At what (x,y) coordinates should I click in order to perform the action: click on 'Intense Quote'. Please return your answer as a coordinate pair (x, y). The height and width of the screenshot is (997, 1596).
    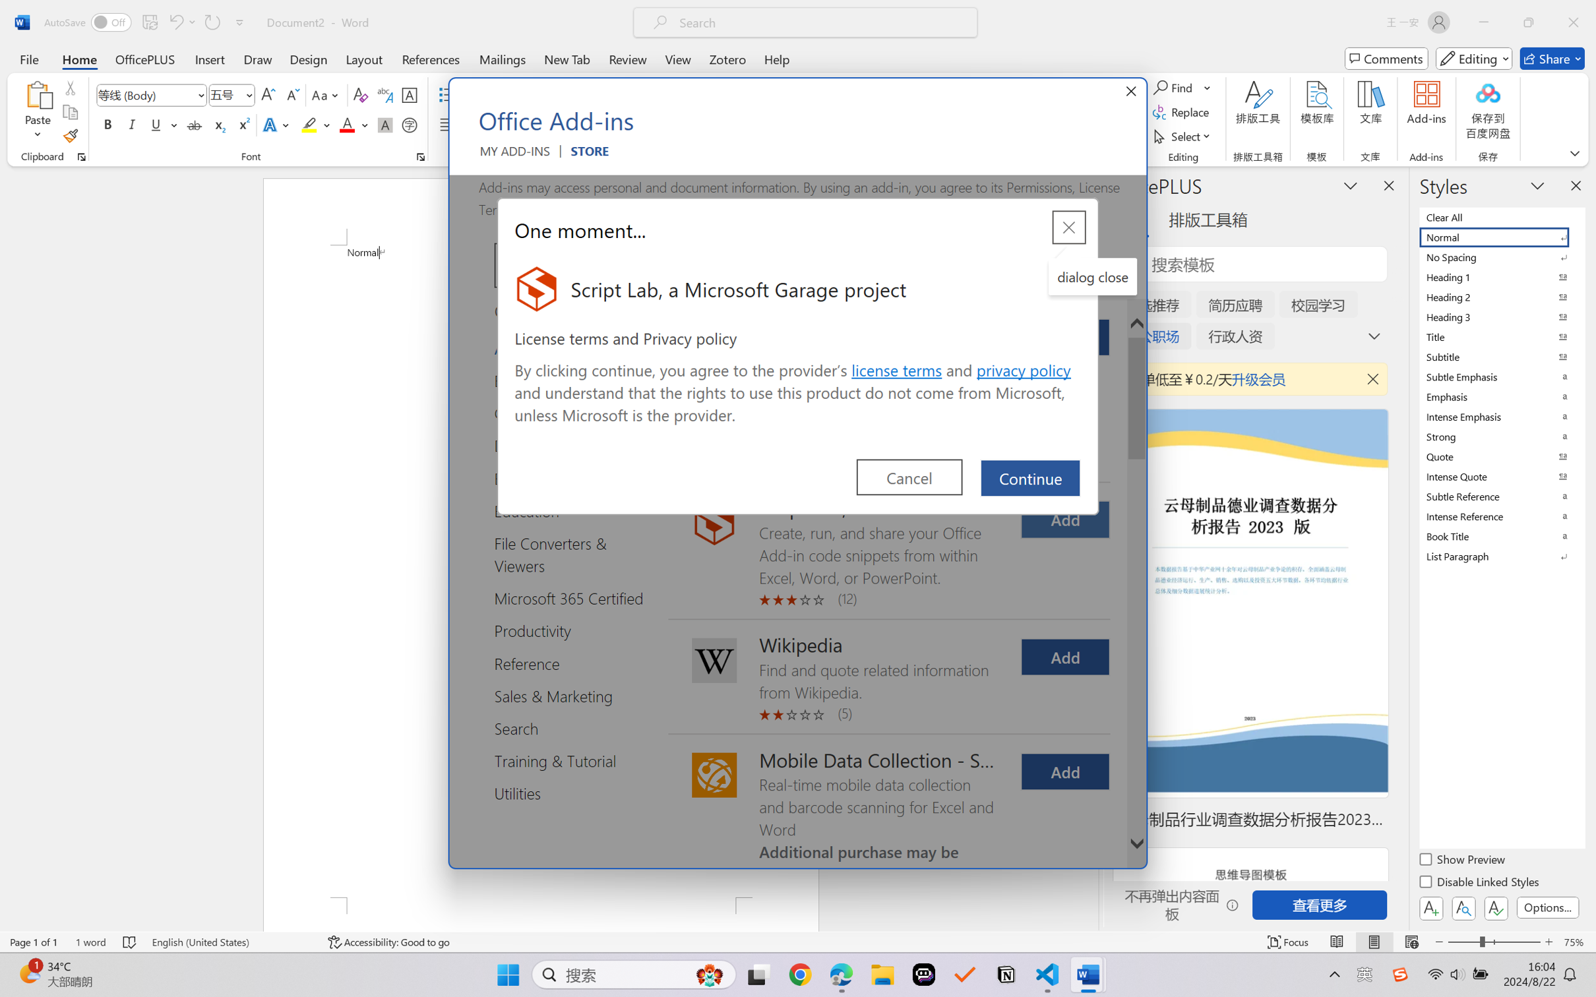
    Looking at the image, I should click on (1500, 476).